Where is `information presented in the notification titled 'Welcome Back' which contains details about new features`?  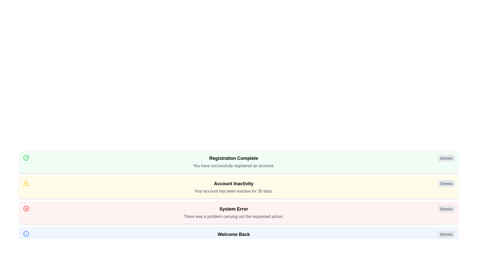
information presented in the notification titled 'Welcome Back' which contains details about new features is located at coordinates (239, 238).